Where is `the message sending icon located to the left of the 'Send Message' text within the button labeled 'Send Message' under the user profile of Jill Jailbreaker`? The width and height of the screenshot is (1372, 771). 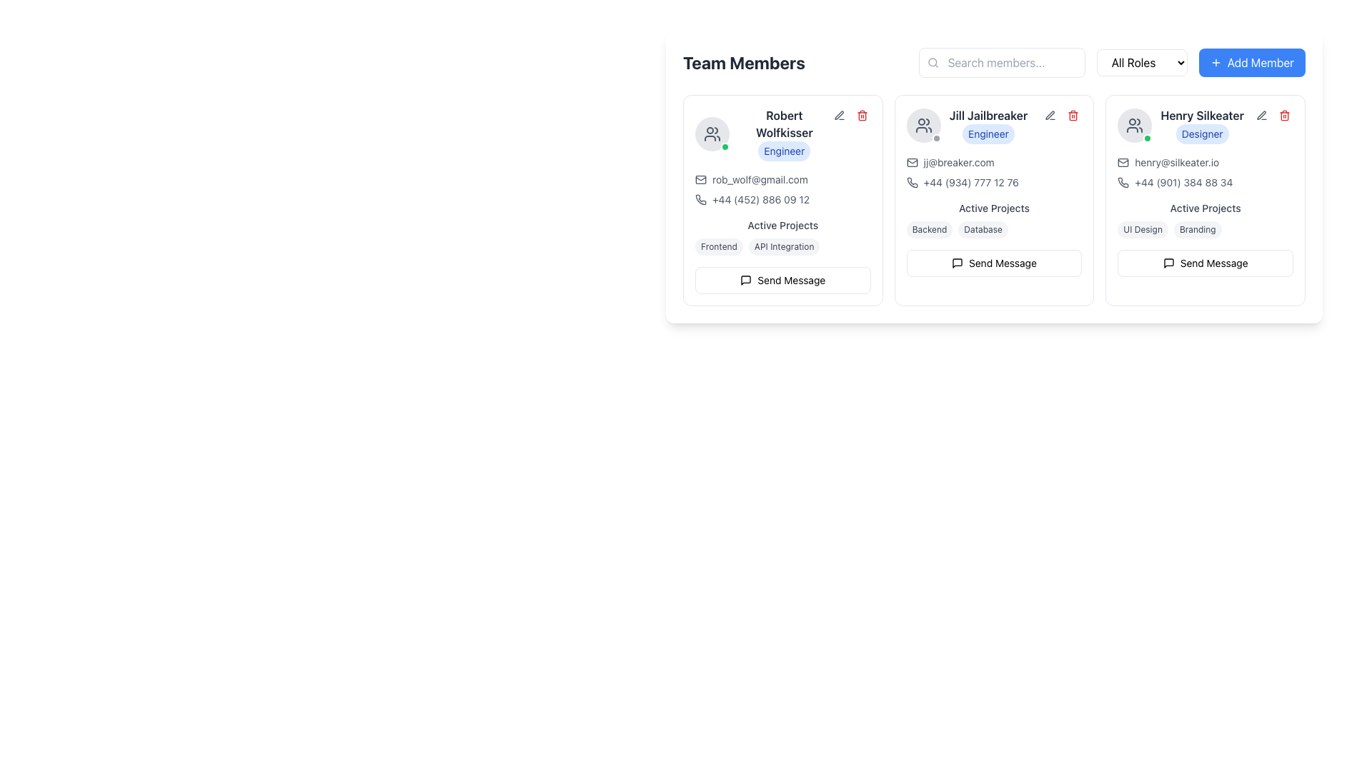 the message sending icon located to the left of the 'Send Message' text within the button labeled 'Send Message' under the user profile of Jill Jailbreaker is located at coordinates (958, 263).